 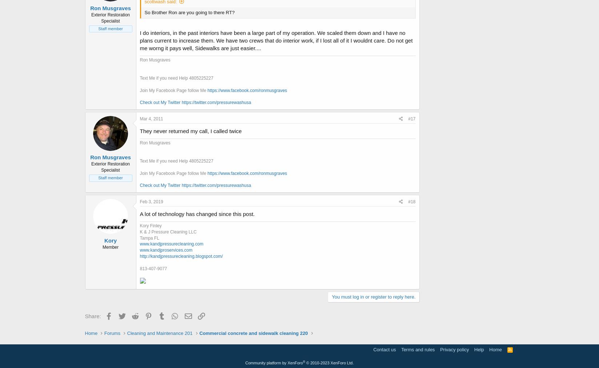 I want to click on 'K & J Pressure Cleaning LLC', so click(x=168, y=231).